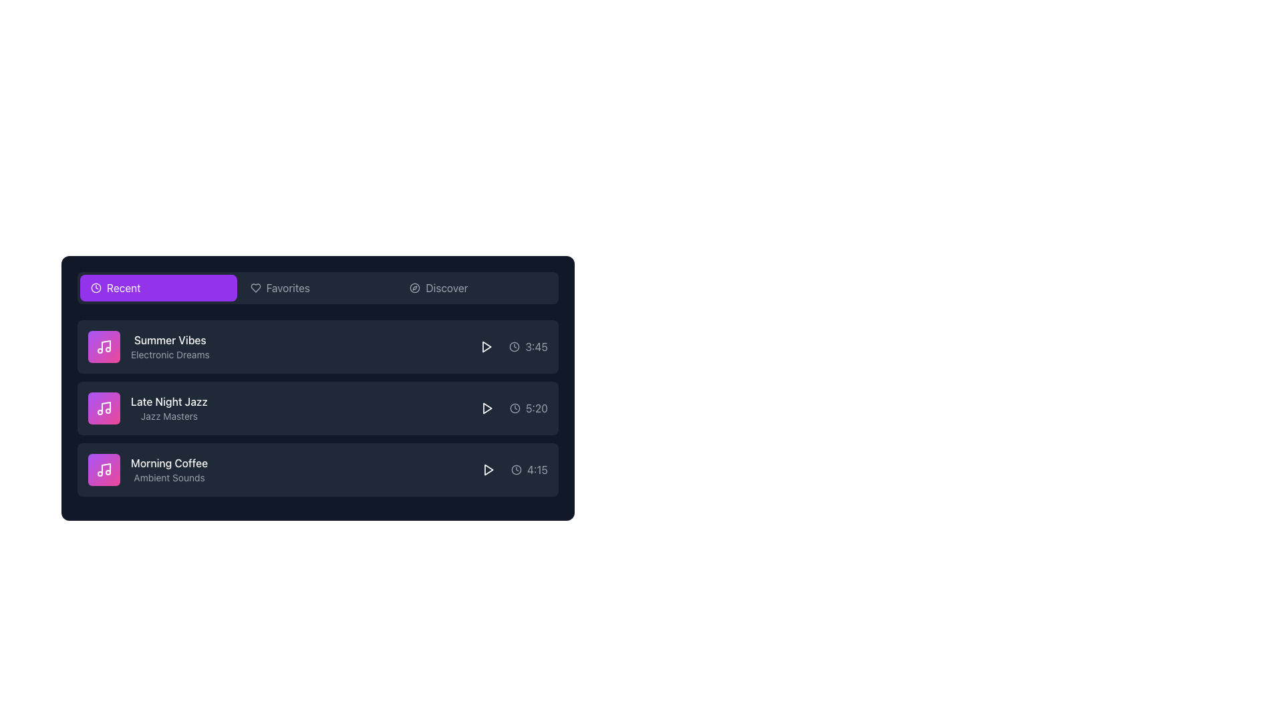 This screenshot has height=722, width=1283. What do you see at coordinates (105, 468) in the screenshot?
I see `the musical note icon within the 'Morning Coffee' music item, which is the third item in the Recent Music category` at bounding box center [105, 468].